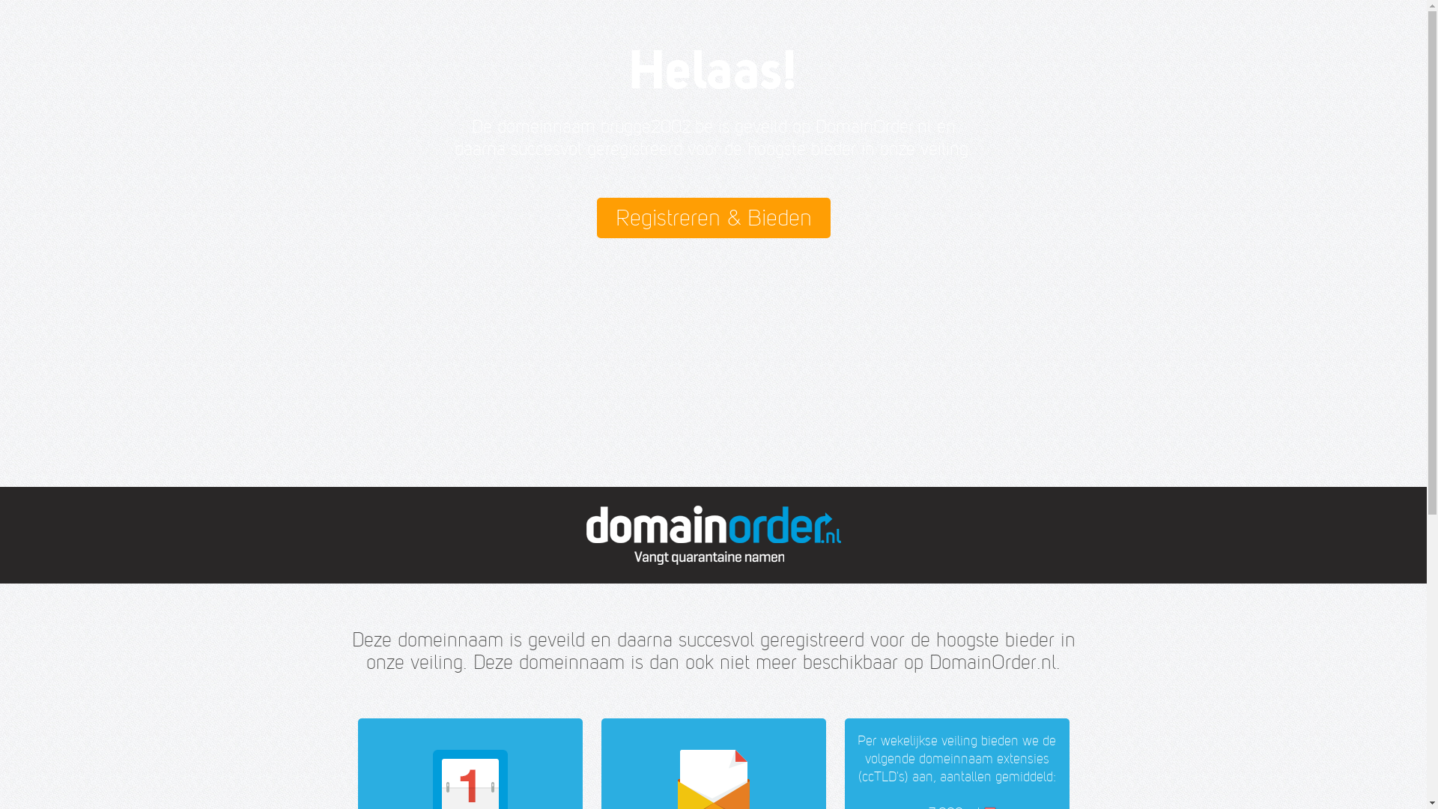  What do you see at coordinates (712, 217) in the screenshot?
I see `'Registreren & Bieden'` at bounding box center [712, 217].